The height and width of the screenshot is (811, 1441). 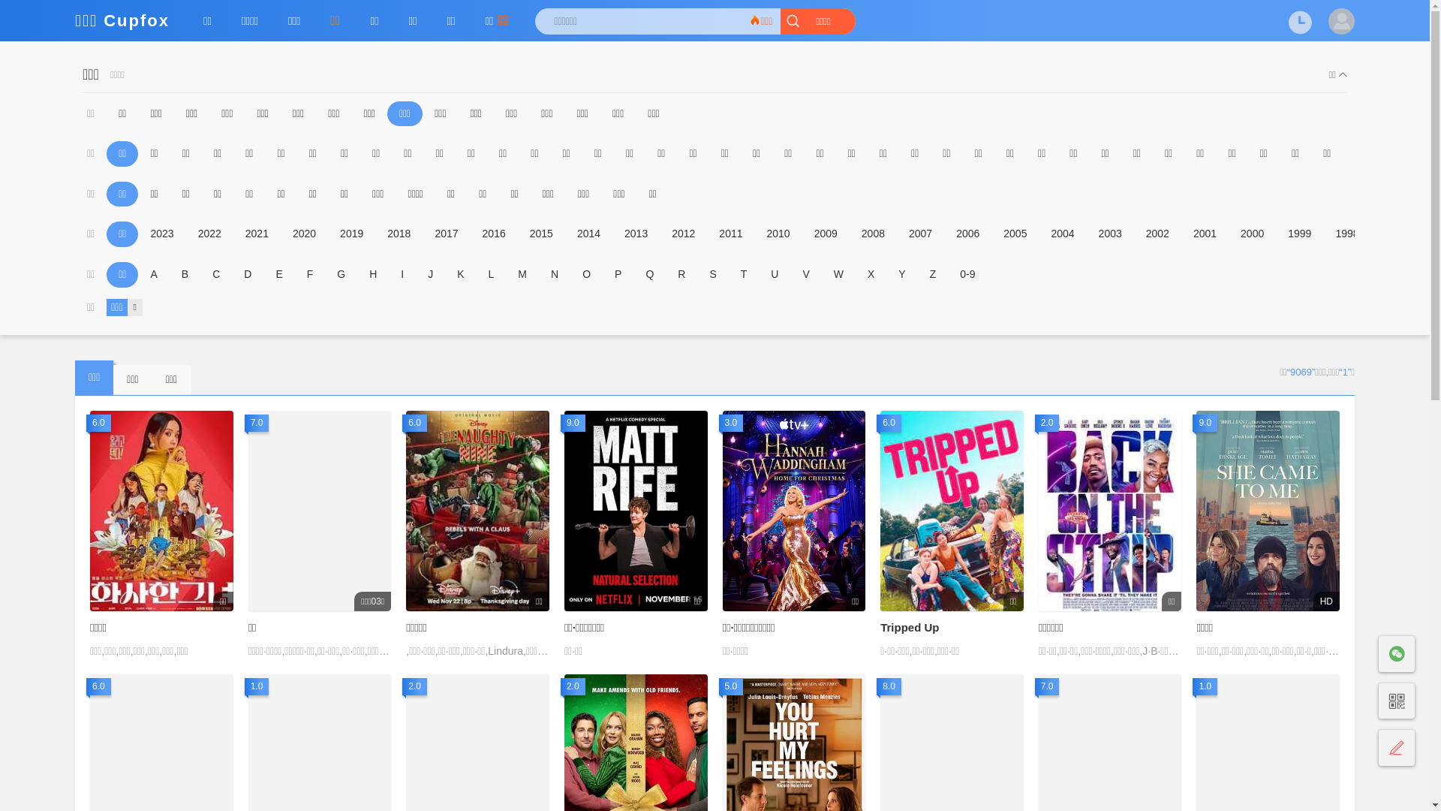 I want to click on '2000', so click(x=1252, y=234).